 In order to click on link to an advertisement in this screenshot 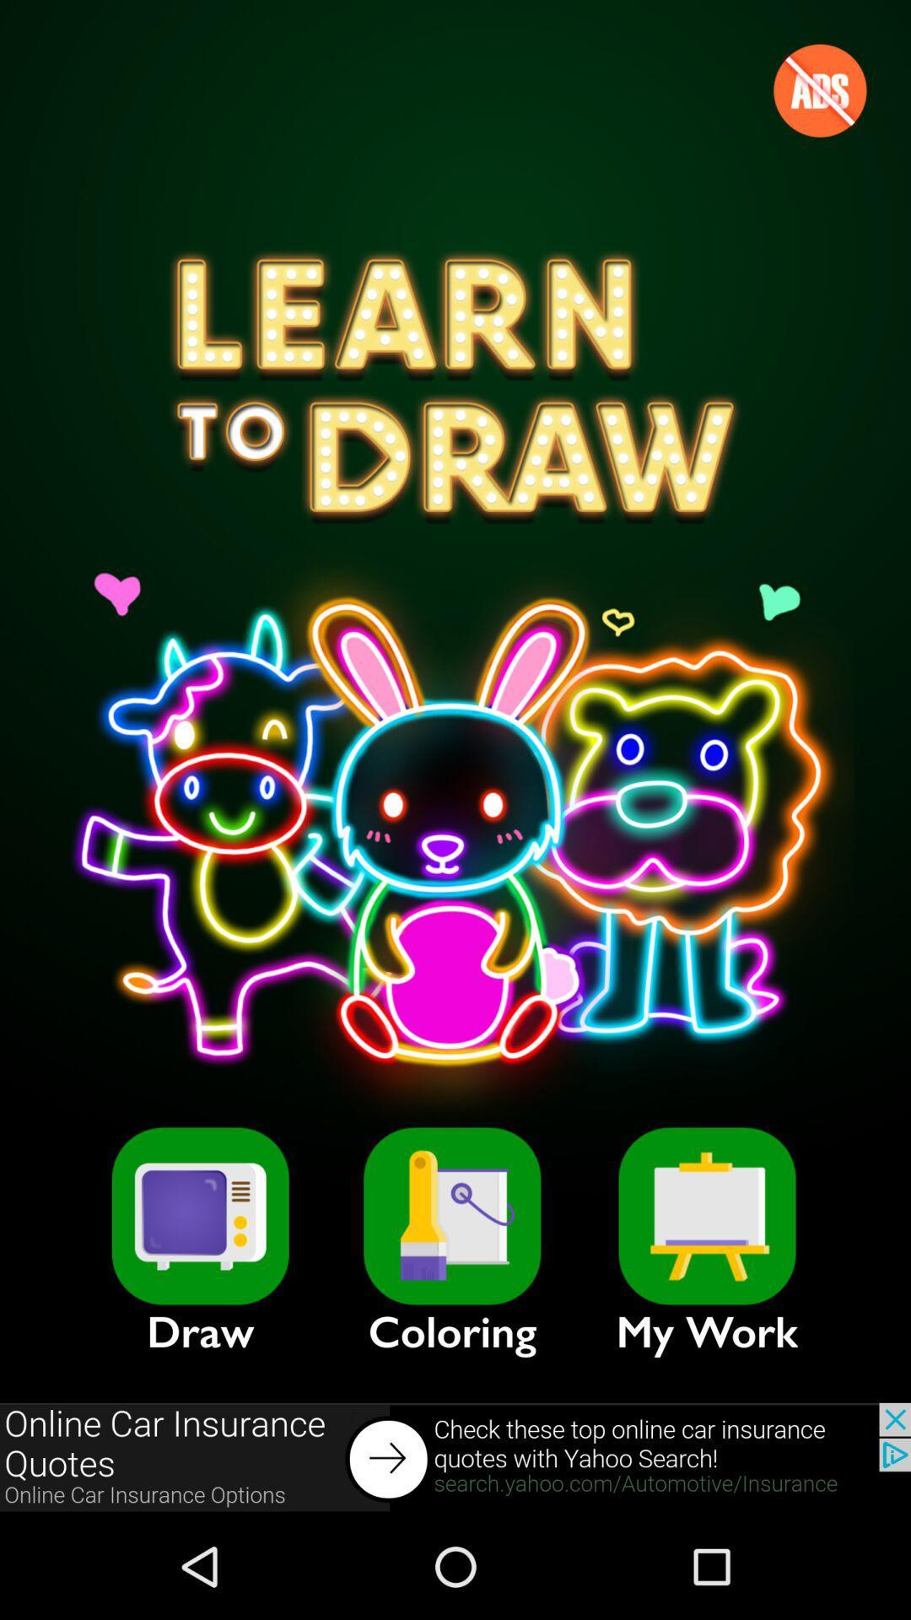, I will do `click(455, 1457)`.